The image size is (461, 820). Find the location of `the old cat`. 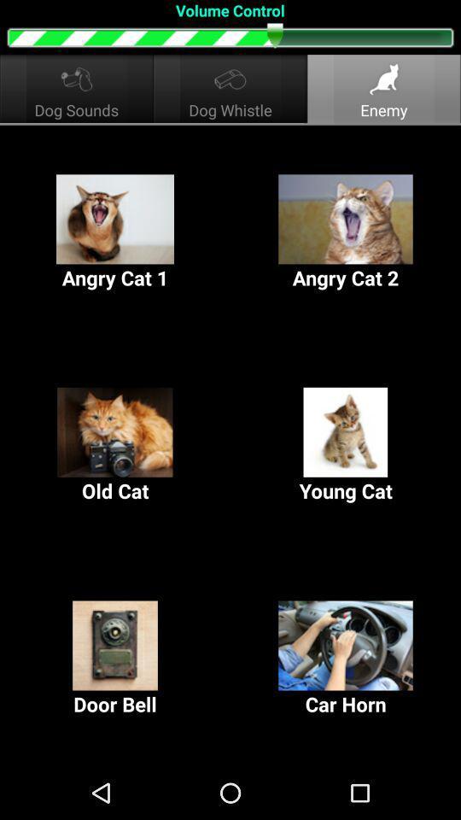

the old cat is located at coordinates (115, 445).